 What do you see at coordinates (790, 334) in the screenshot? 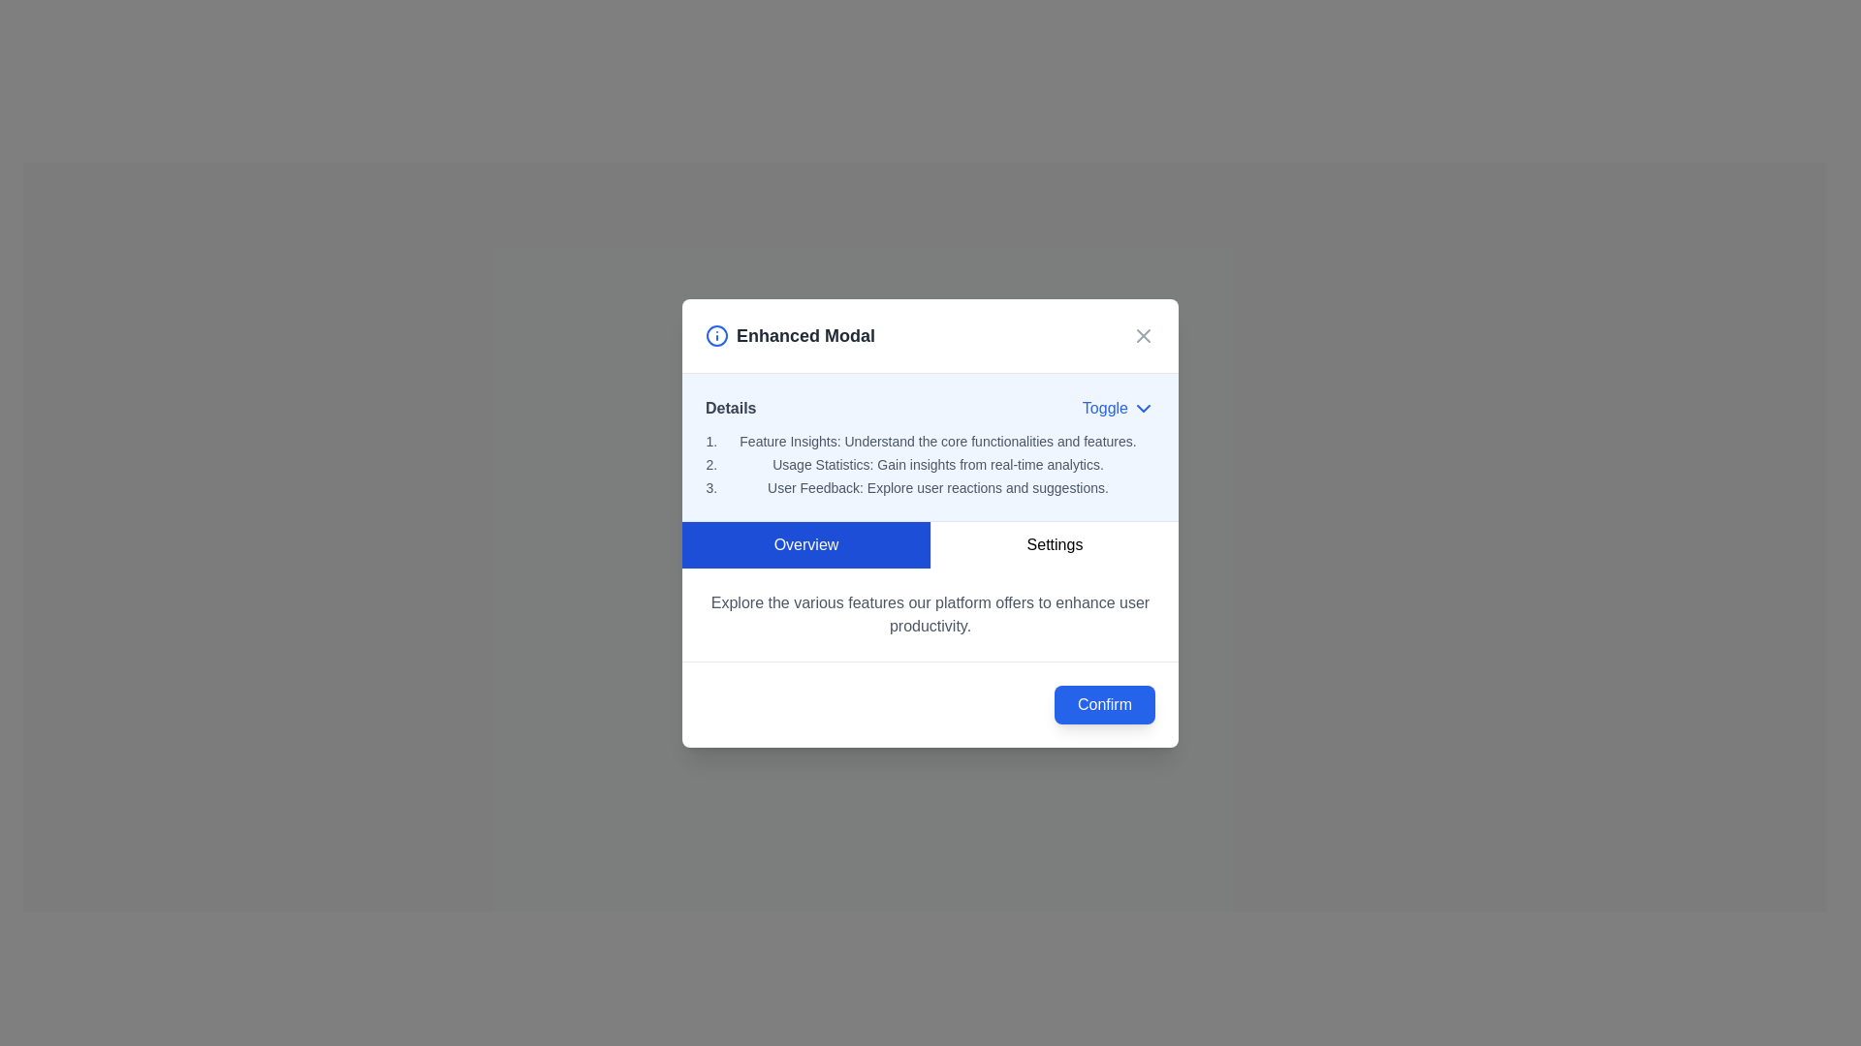
I see `title from the Text Label with Icon located in the top bar of the modal window, which serves as the header and is positioned leftmost among the elements` at bounding box center [790, 334].